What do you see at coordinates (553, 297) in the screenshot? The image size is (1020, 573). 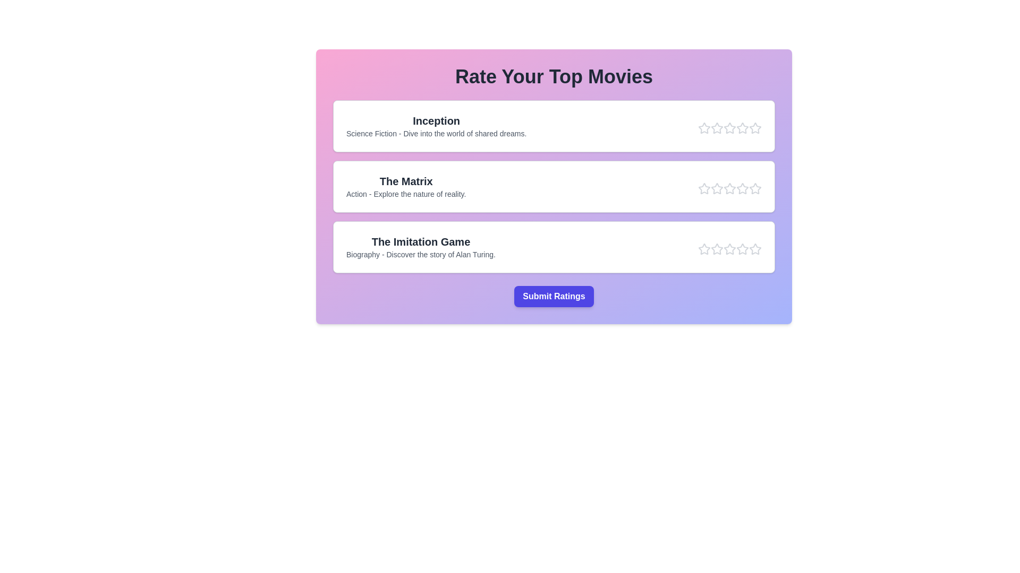 I see `the 'Submit Ratings' button` at bounding box center [553, 297].